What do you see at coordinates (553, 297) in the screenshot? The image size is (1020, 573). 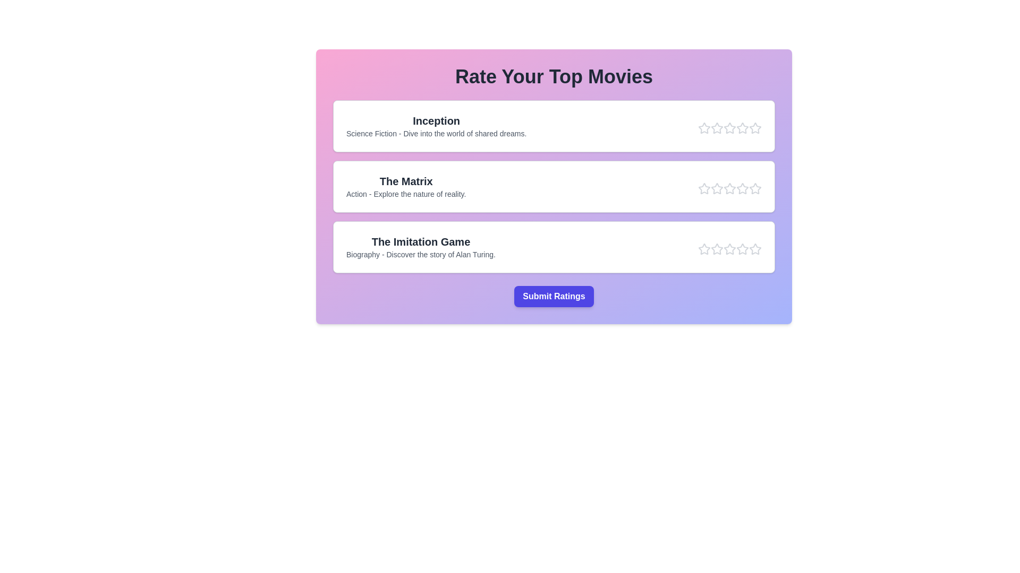 I see `the 'Submit Ratings' button` at bounding box center [553, 297].